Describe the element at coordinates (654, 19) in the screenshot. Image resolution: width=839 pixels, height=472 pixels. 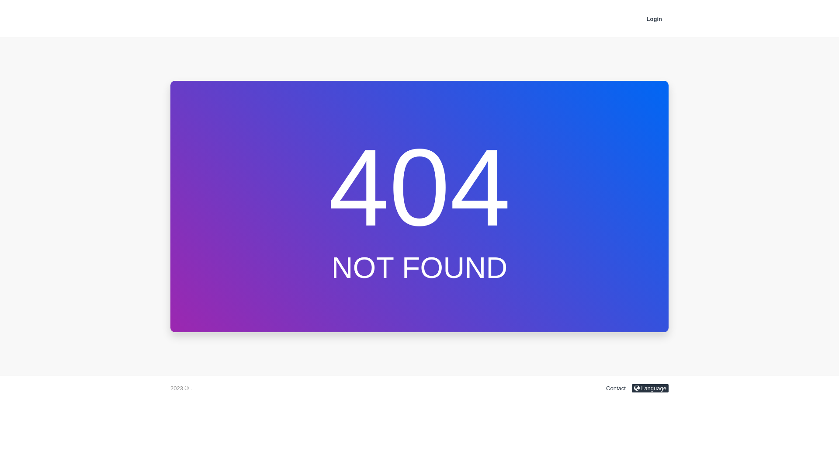
I see `'Login'` at that location.